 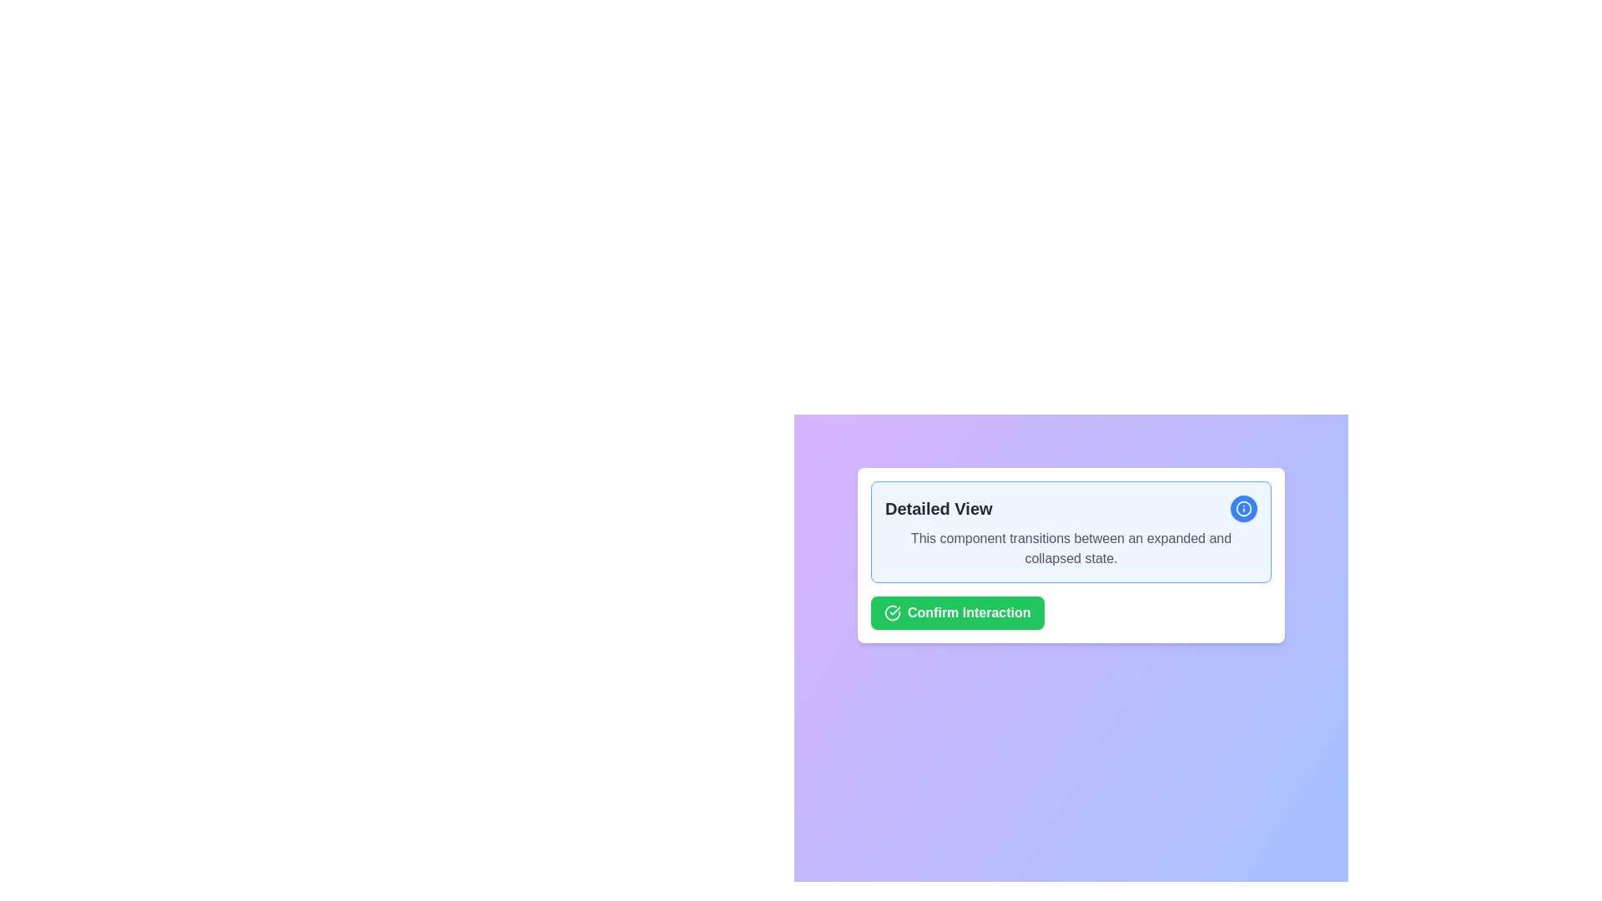 What do you see at coordinates (1071, 549) in the screenshot?
I see `the static text label that reads 'This component transitions between an expanded and collapsed state.', which is styled in light gray and located within a soft blue background, positioned below the header text 'Detailed View' and above the green button labeled 'Confirm Interaction'` at bounding box center [1071, 549].